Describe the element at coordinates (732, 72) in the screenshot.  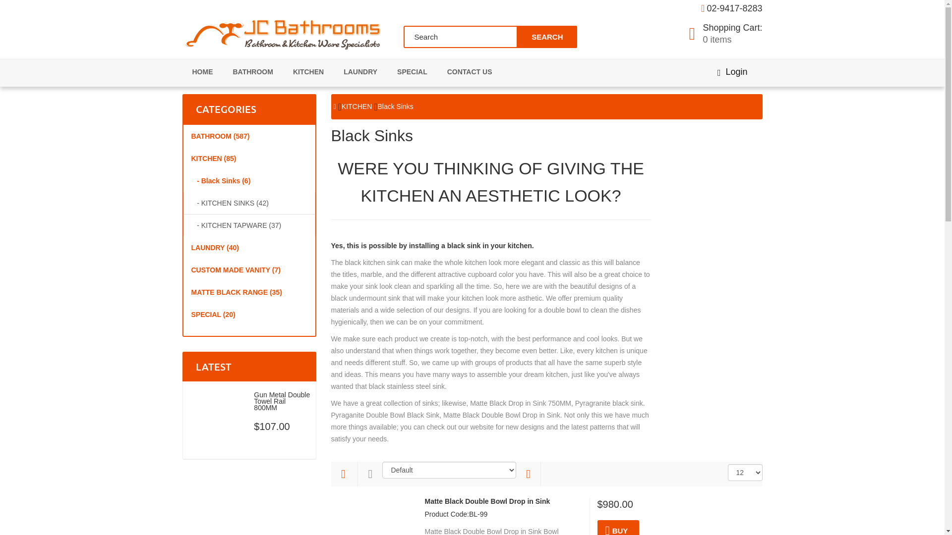
I see `'Login'` at that location.